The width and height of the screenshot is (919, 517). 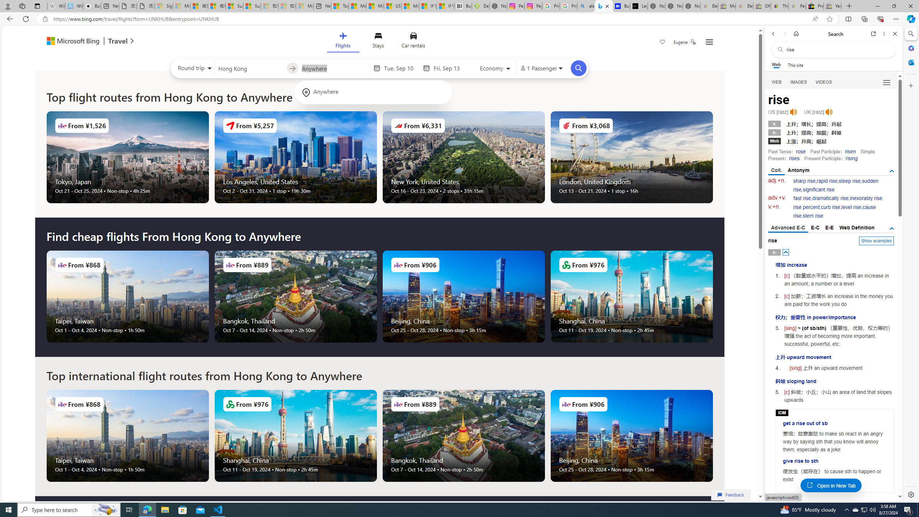 I want to click on 'rising', so click(x=851, y=158).